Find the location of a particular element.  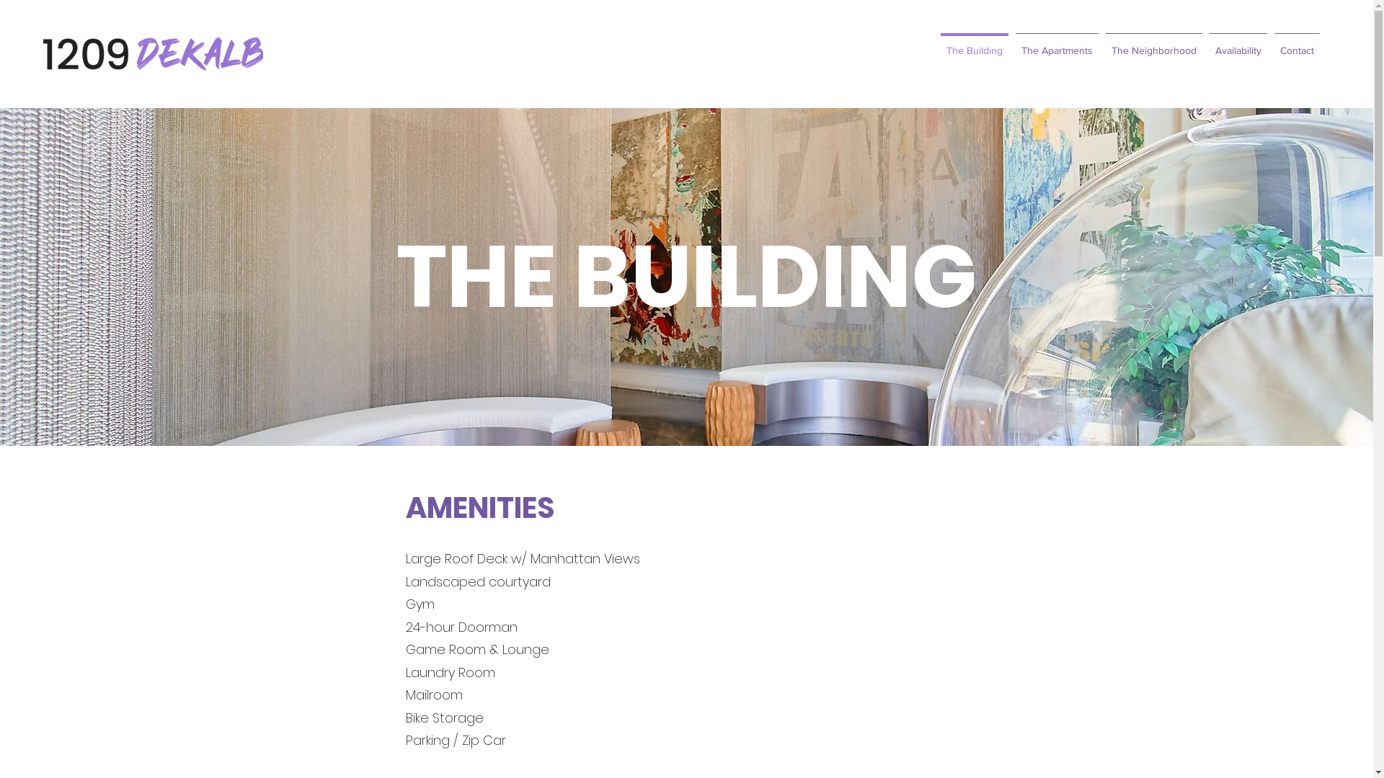

'Contact' is located at coordinates (1297, 43).